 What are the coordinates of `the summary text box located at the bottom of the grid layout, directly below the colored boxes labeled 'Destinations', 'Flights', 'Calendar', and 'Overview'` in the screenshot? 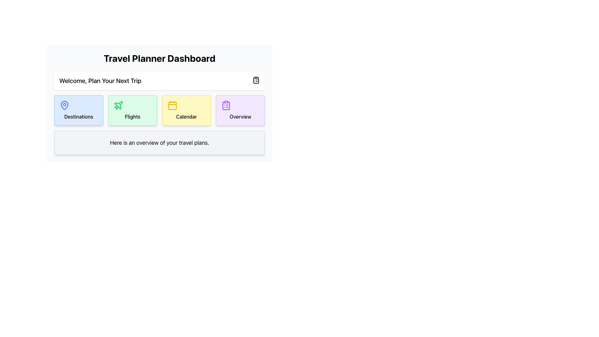 It's located at (159, 143).